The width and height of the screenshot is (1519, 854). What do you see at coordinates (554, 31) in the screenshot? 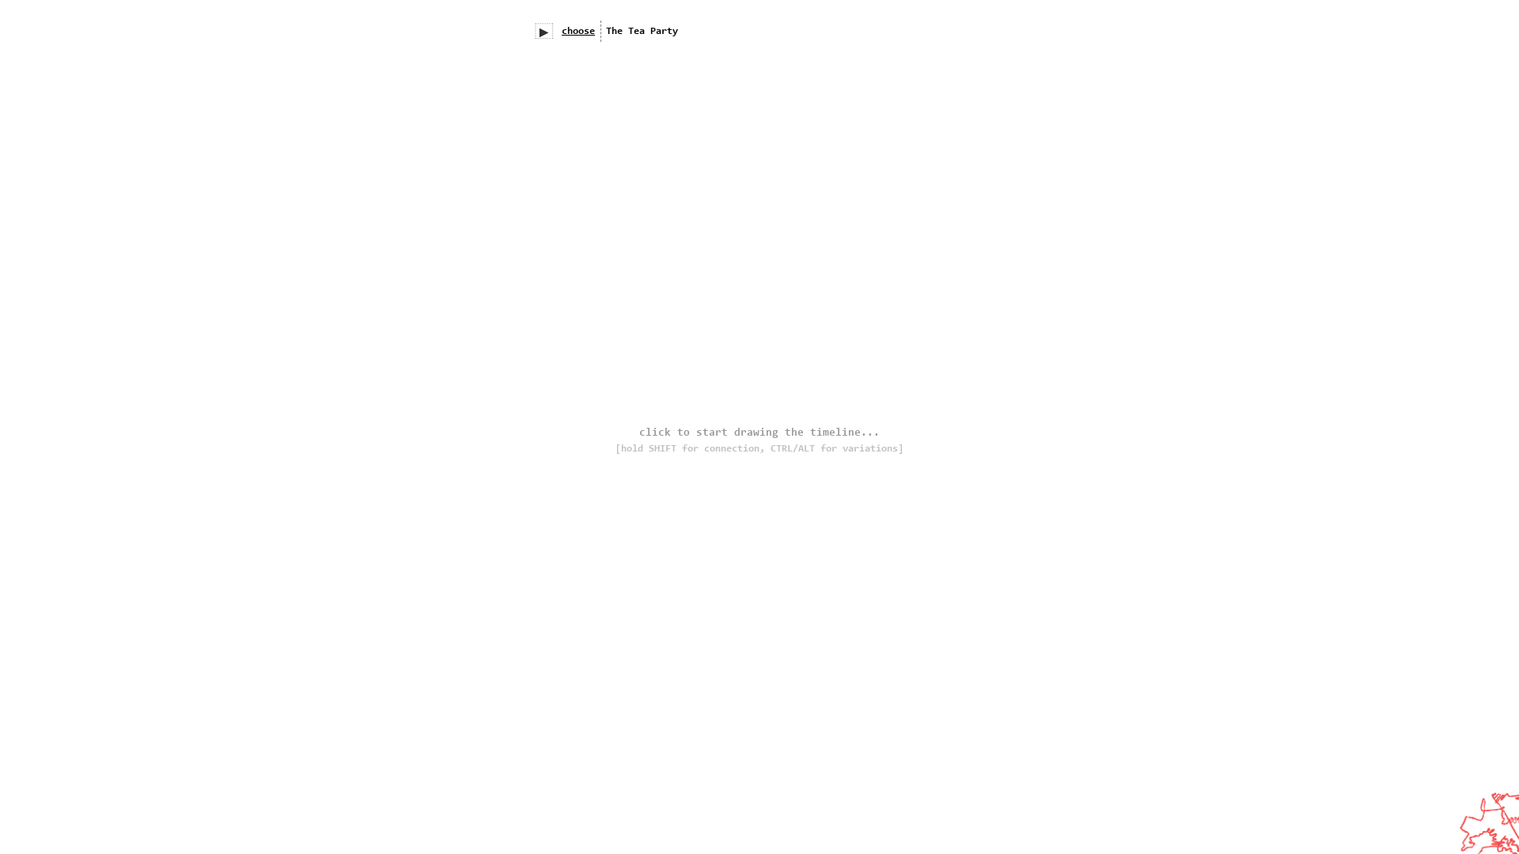
I see `'menu/search'` at bounding box center [554, 31].